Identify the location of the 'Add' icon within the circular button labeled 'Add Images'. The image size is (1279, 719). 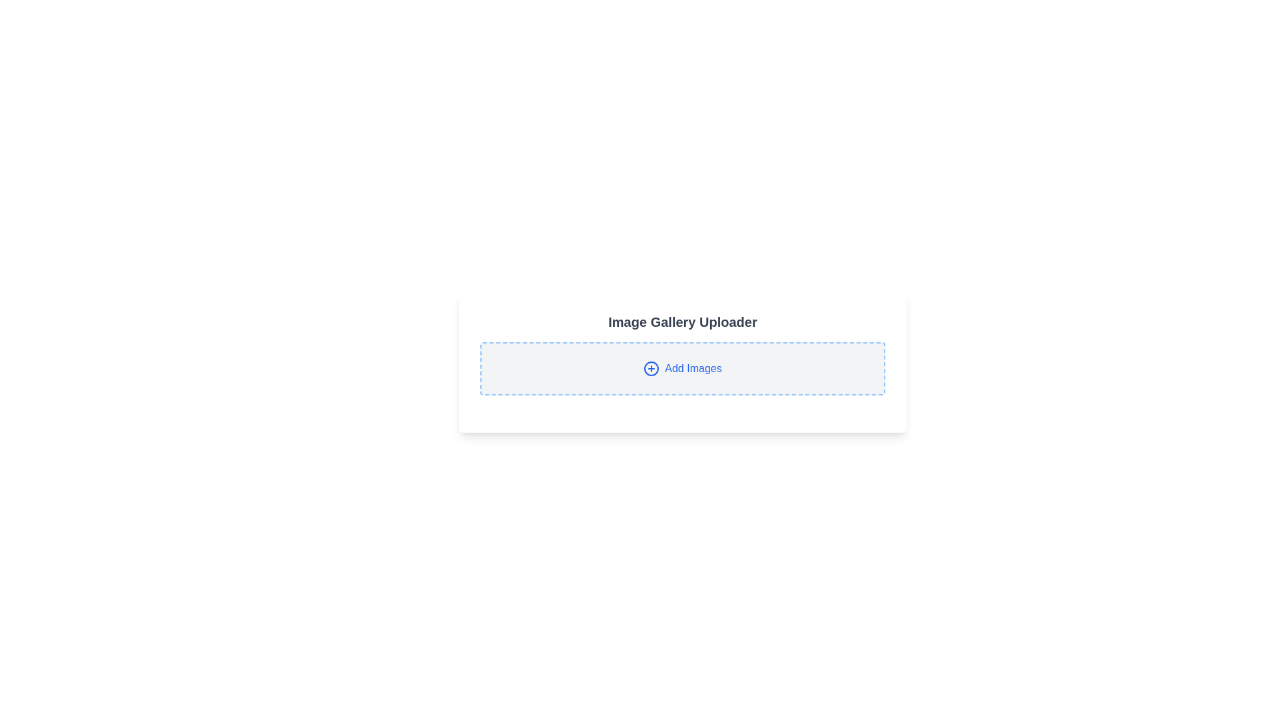
(651, 369).